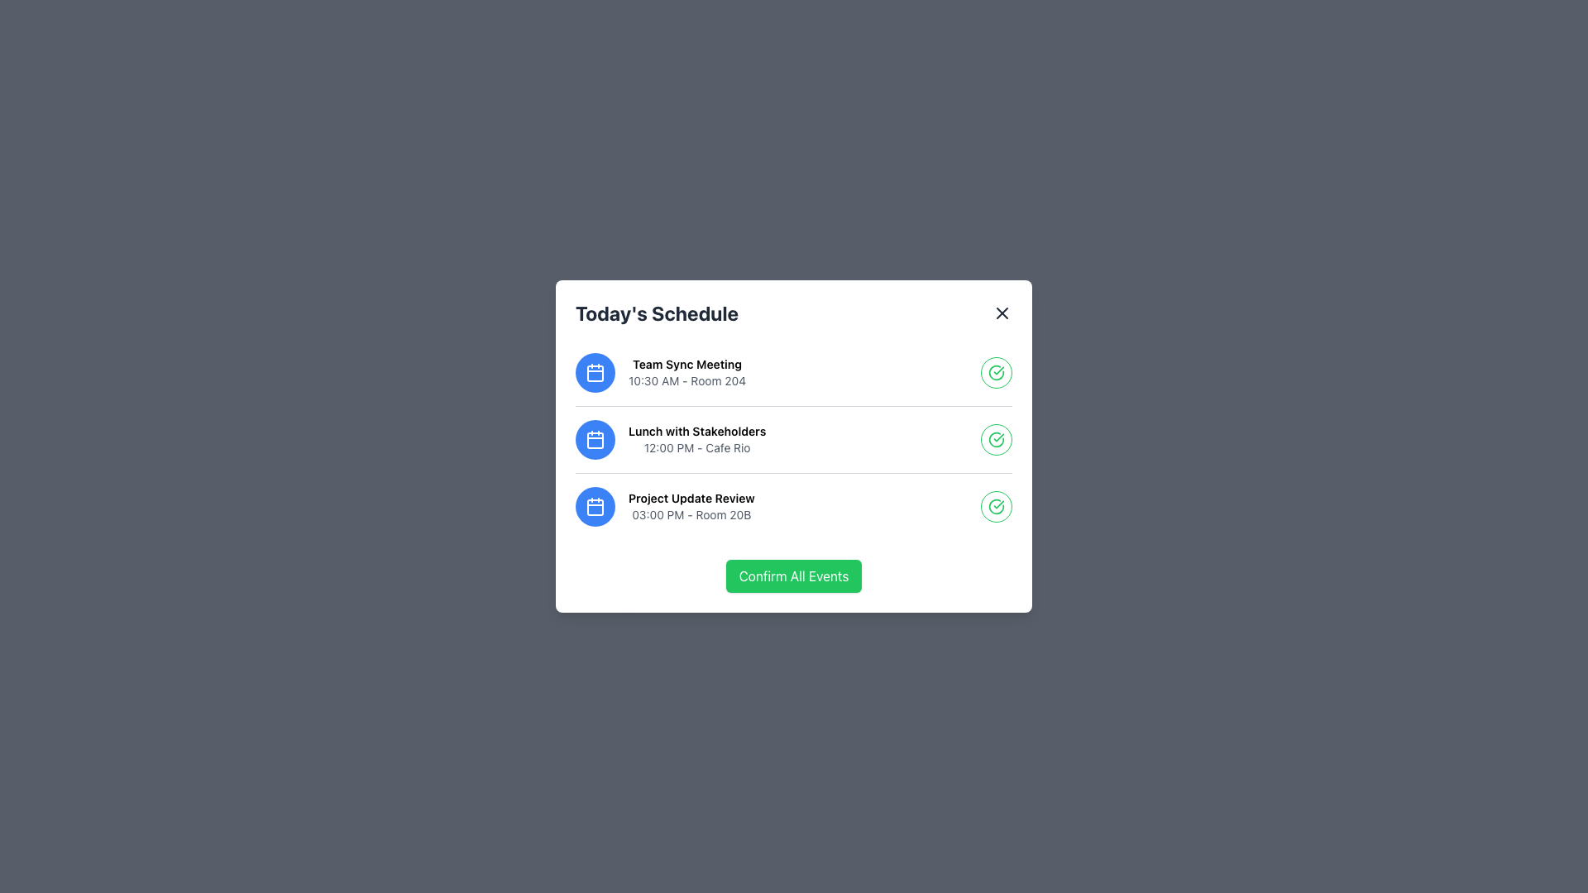 This screenshot has width=1588, height=893. Describe the element at coordinates (995, 439) in the screenshot. I see `the green circle icon button with a checkmark inside the 'Today's Schedule' modal to mark the task as done` at that location.